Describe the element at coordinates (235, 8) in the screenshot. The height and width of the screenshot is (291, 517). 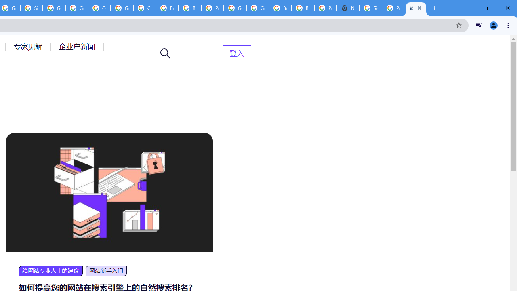
I see `'Google Cloud Platform'` at that location.